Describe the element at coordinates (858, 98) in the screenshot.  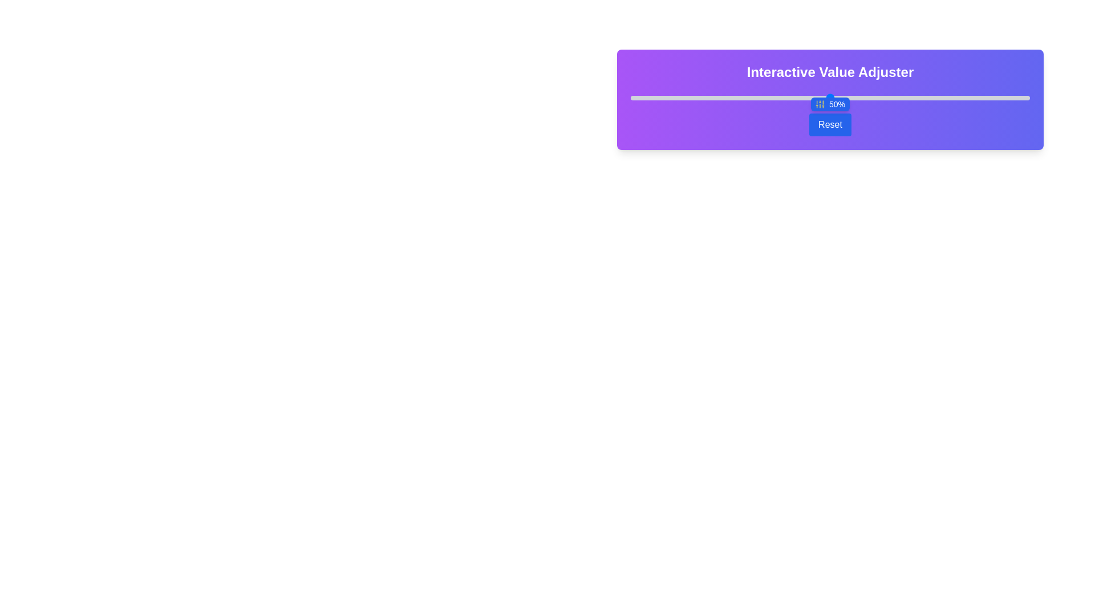
I see `the slider value` at that location.